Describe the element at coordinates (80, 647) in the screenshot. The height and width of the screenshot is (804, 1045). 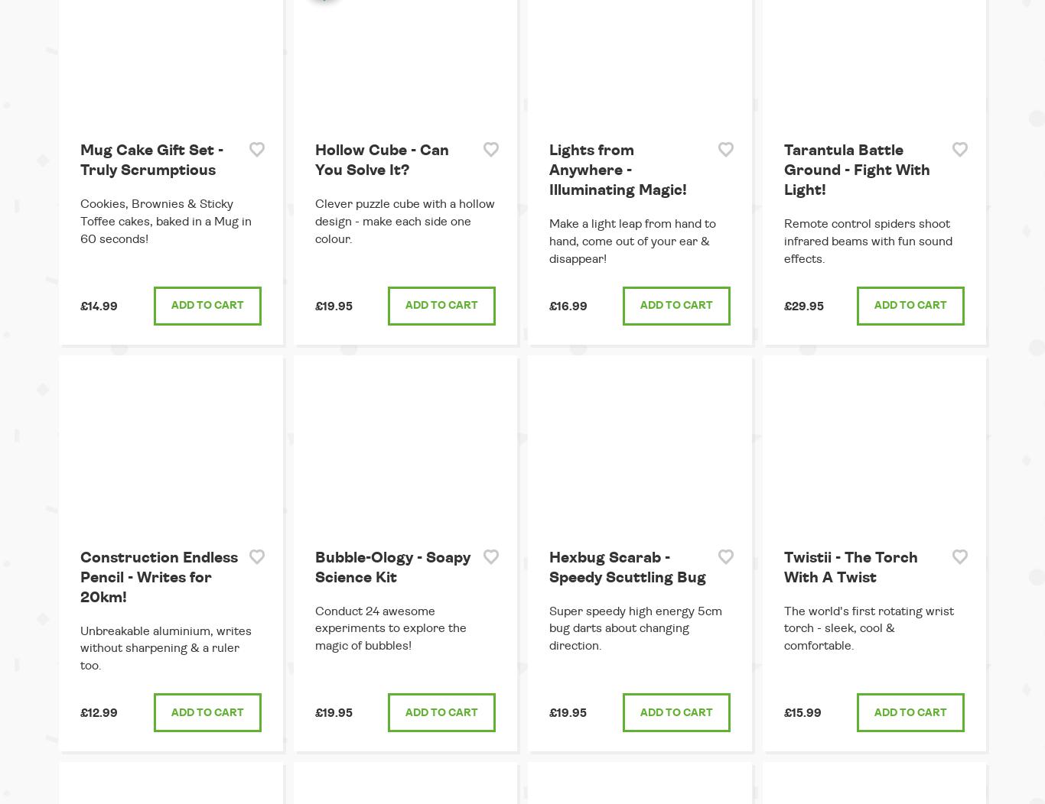
I see `'Unbreakable aluminium, writes without sharpening & a ruler too.'` at that location.